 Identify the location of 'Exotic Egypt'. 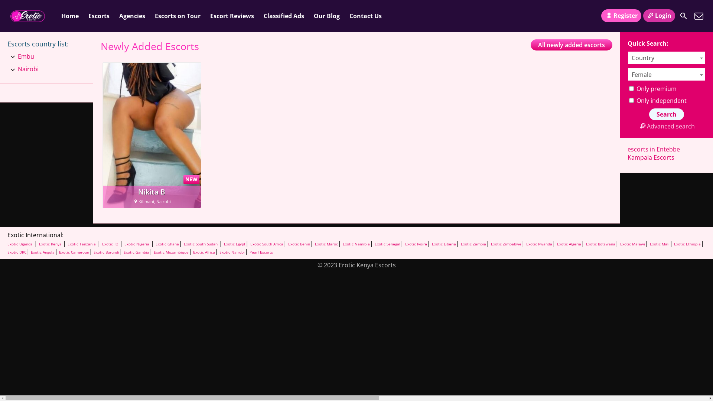
(224, 244).